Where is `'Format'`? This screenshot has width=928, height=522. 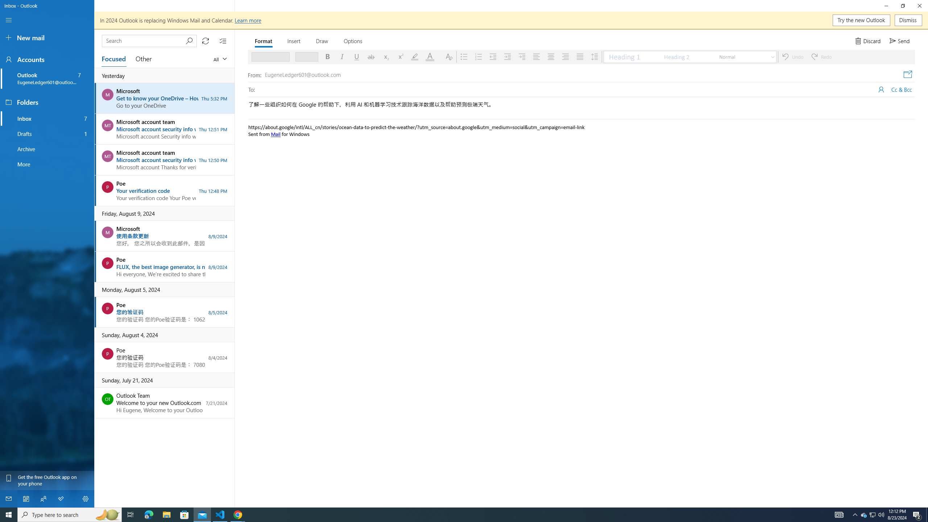 'Format' is located at coordinates (264, 41).